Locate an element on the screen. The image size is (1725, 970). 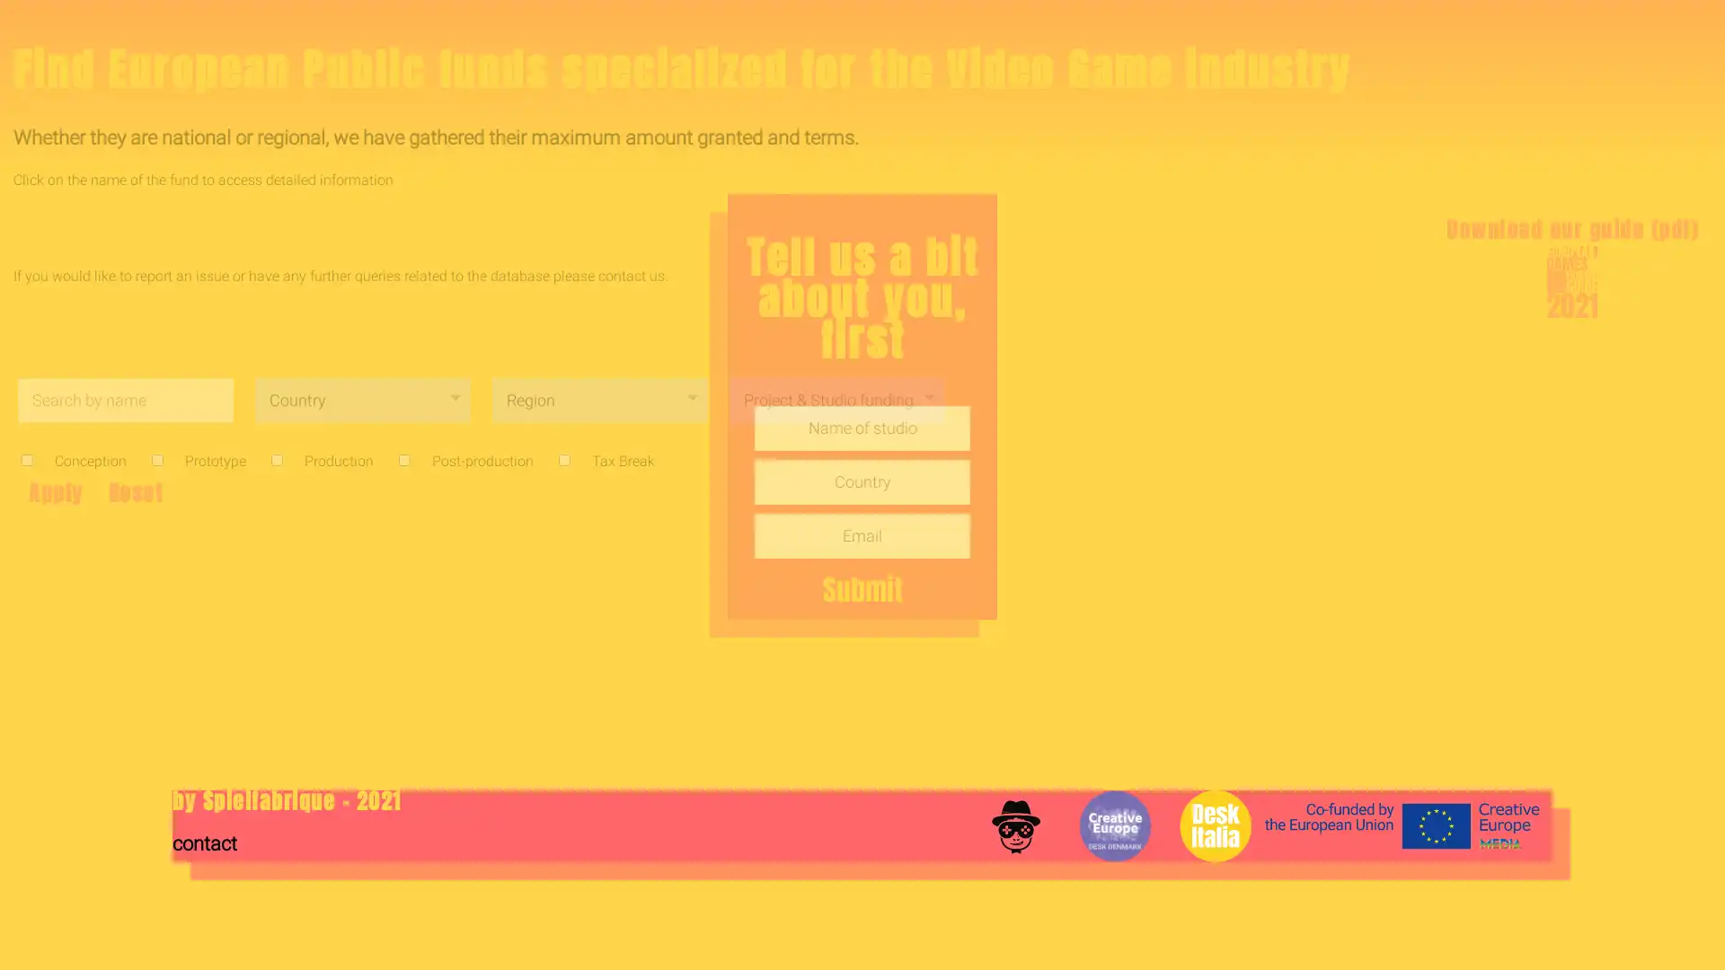
Submit is located at coordinates (862, 588).